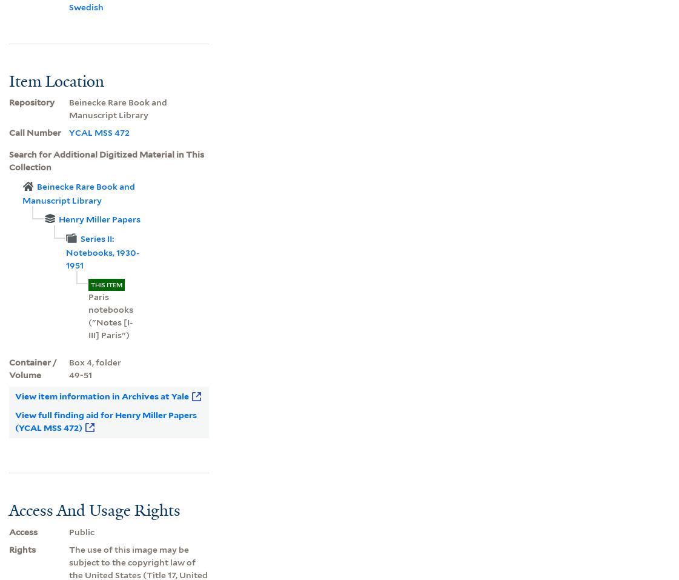 This screenshot has width=679, height=580. Describe the element at coordinates (94, 509) in the screenshot. I see `'Access And Usage Rights'` at that location.